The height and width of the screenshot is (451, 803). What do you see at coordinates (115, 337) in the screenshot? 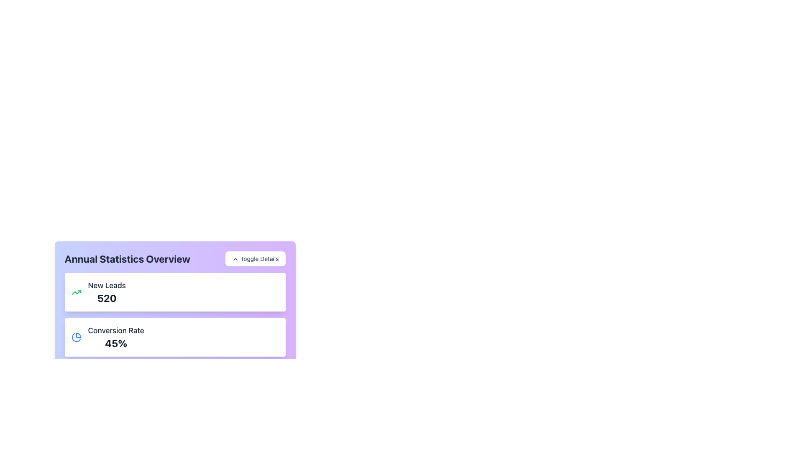
I see `the Text Display element that presents the conversion rate metric, located in a white card with rounded corners beneath the 'New Leads' card` at bounding box center [115, 337].